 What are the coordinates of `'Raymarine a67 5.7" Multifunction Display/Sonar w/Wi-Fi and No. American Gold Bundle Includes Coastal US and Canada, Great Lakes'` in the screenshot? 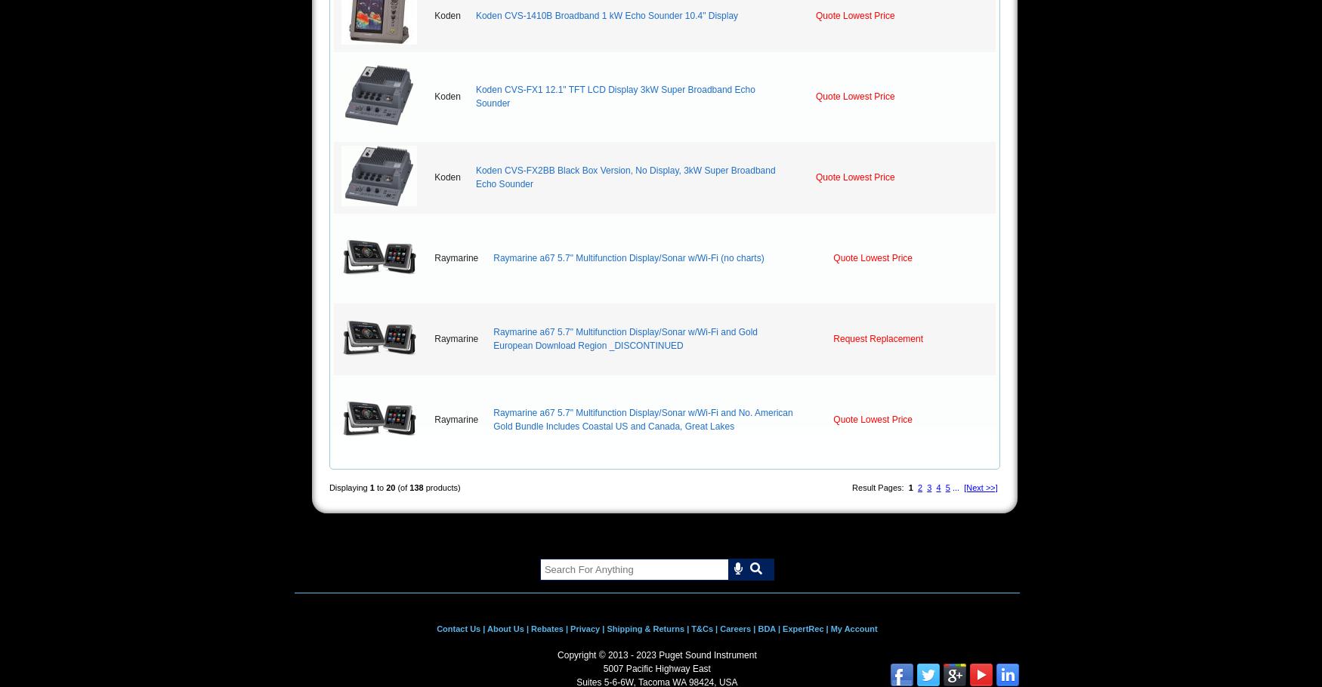 It's located at (643, 420).